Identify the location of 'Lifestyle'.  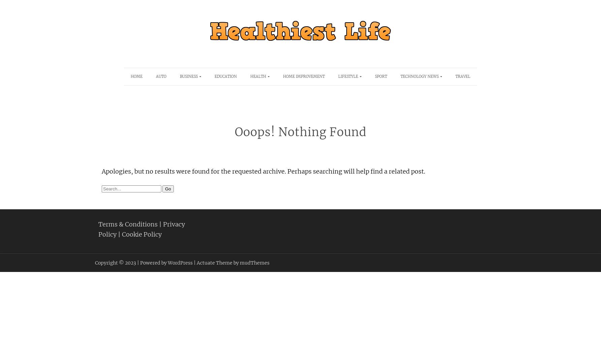
(348, 76).